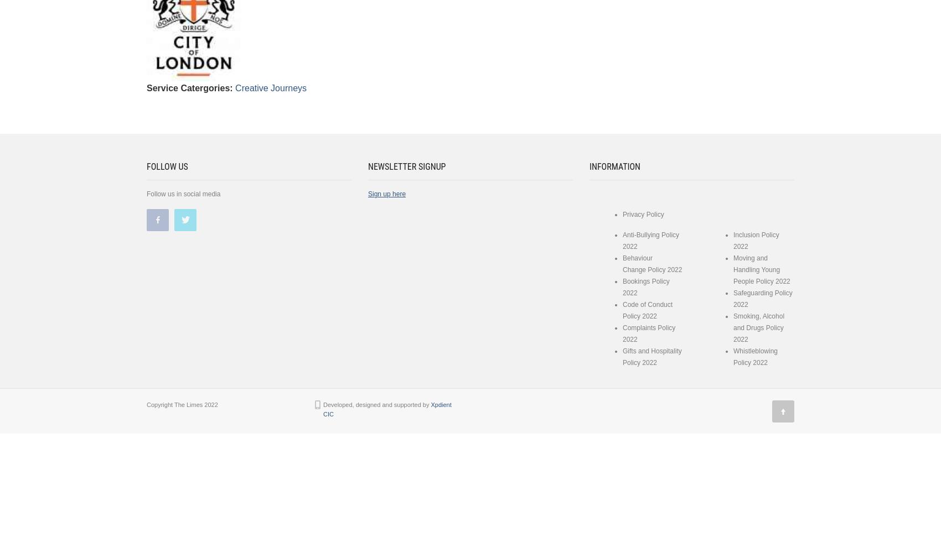 The width and height of the screenshot is (941, 553). Describe the element at coordinates (147, 166) in the screenshot. I see `'Follow Us'` at that location.